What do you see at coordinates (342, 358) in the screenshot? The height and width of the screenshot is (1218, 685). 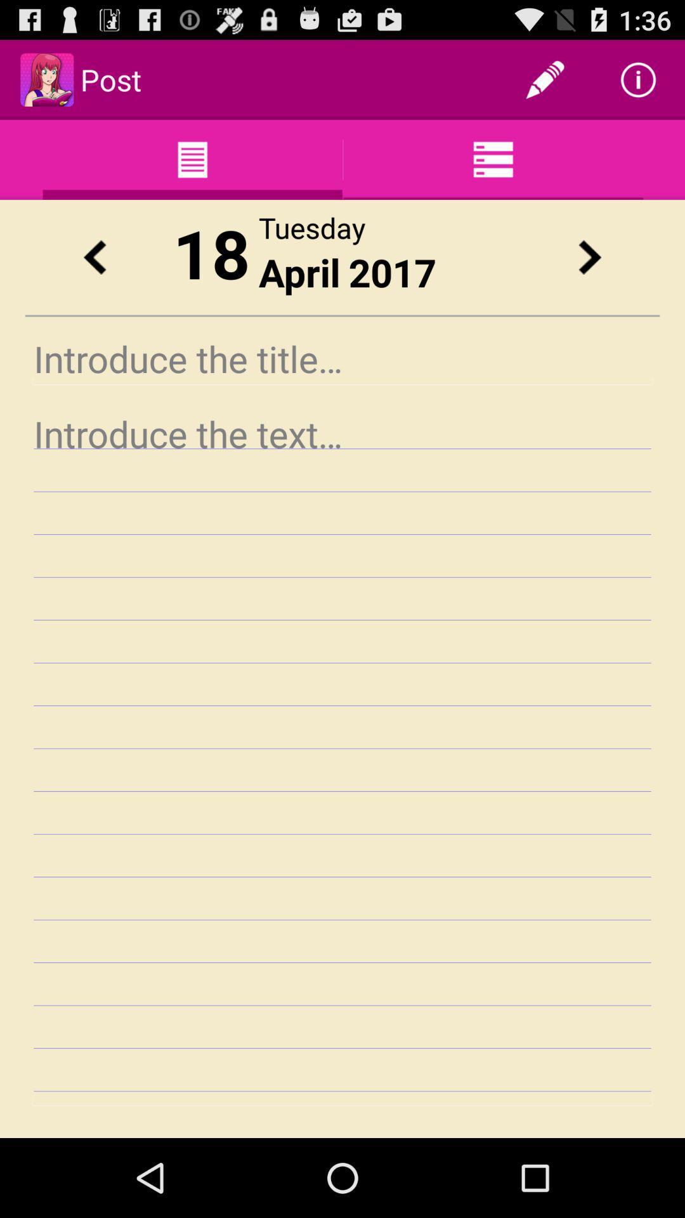 I see `introduction the title` at bounding box center [342, 358].